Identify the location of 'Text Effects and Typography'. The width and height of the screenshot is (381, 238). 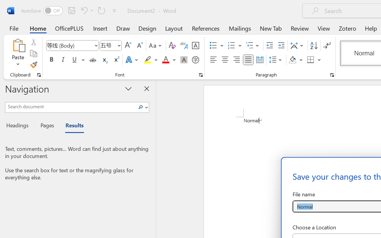
(132, 60).